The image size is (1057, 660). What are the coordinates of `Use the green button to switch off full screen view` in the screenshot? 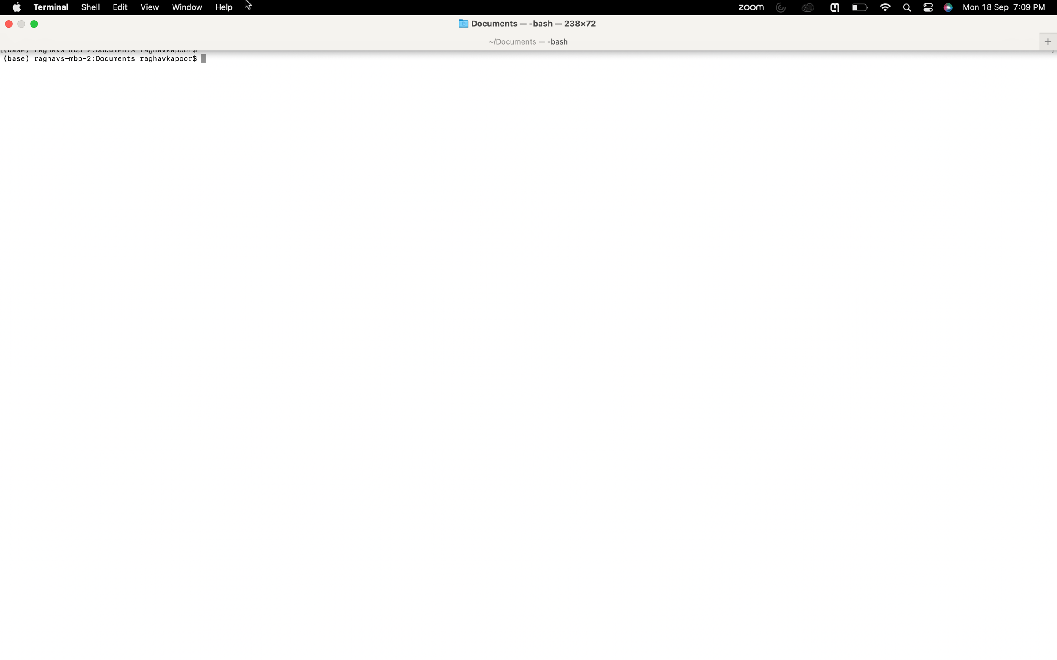 It's located at (33, 24).